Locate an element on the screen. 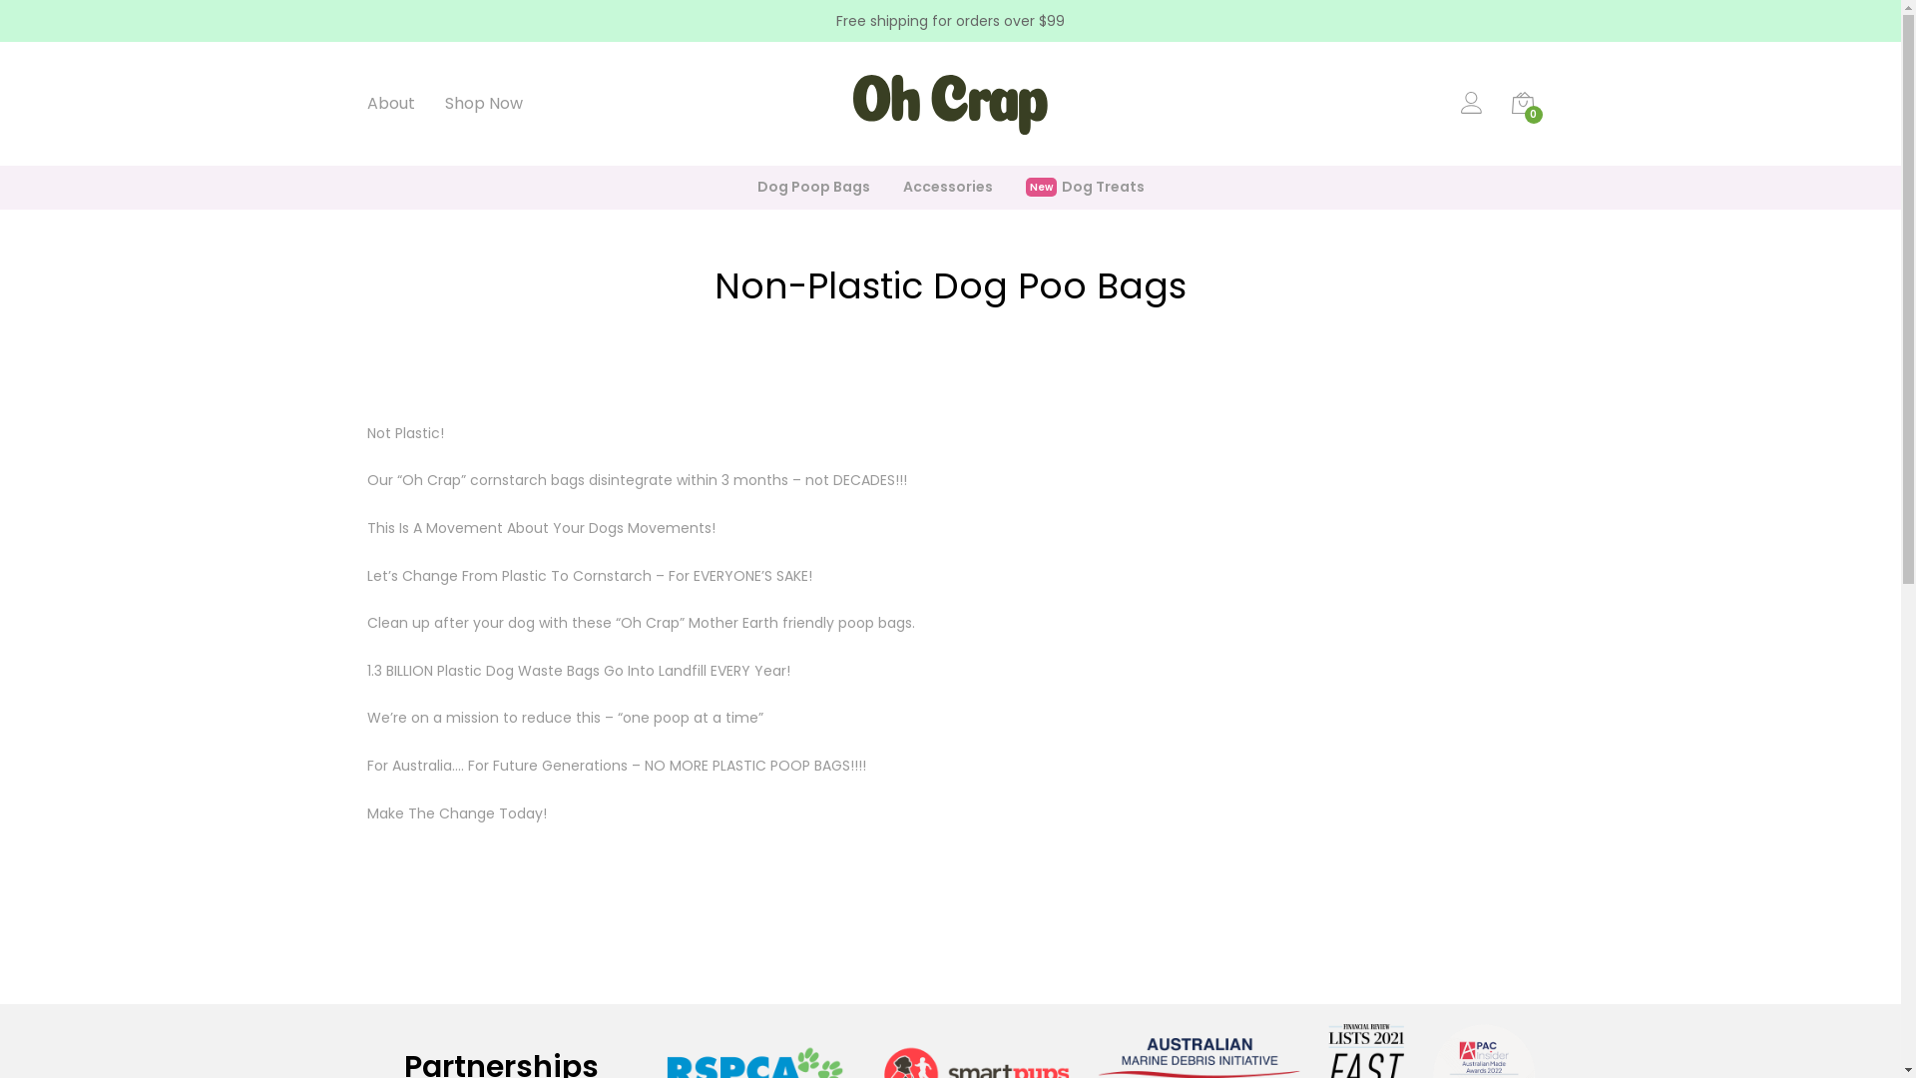 This screenshot has width=1916, height=1078. 'About' is located at coordinates (391, 104).